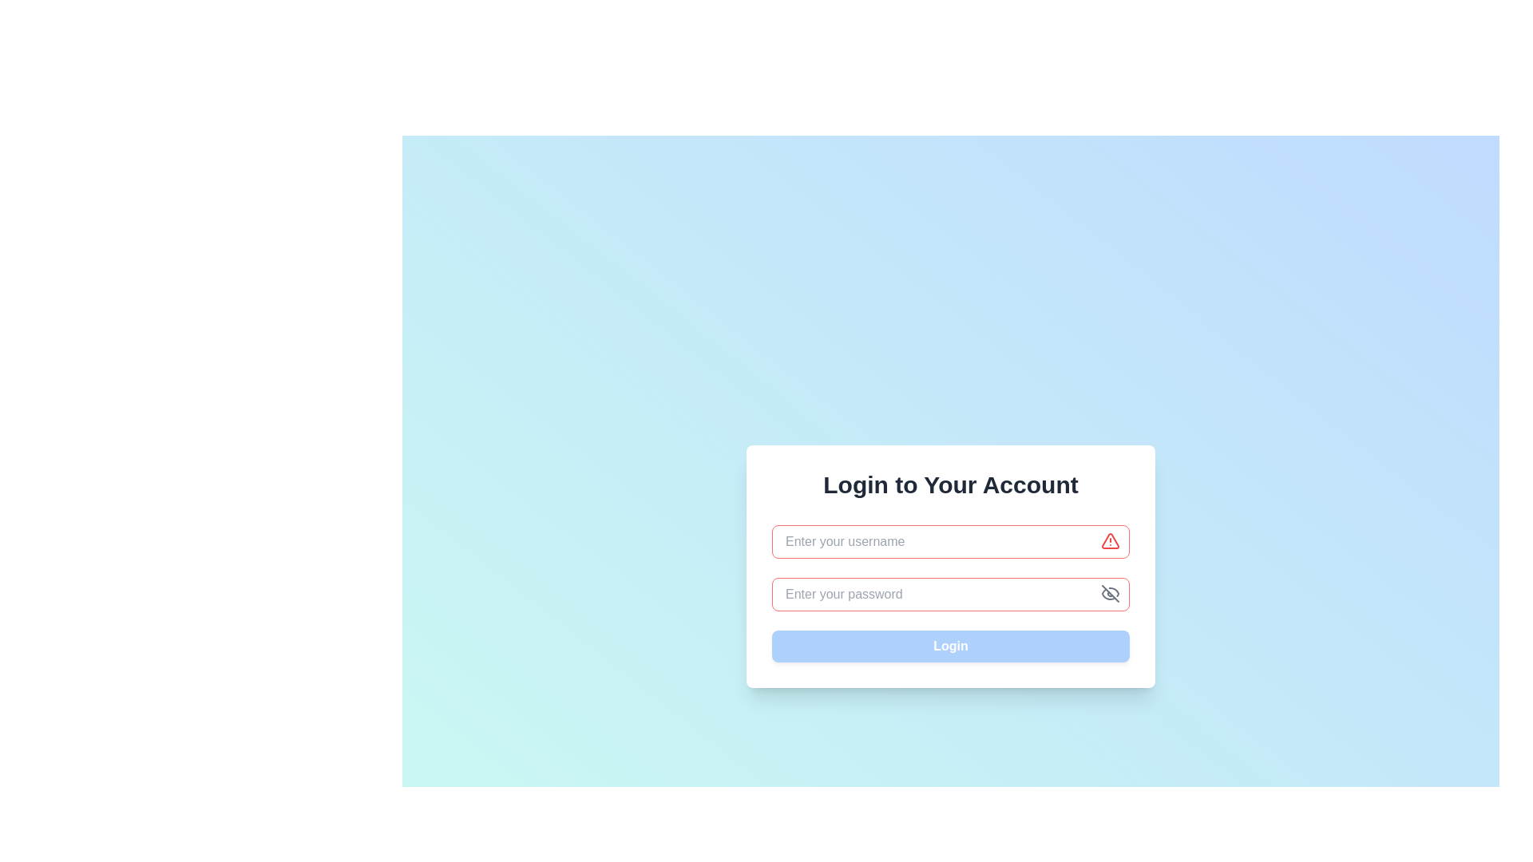 The height and width of the screenshot is (862, 1533). What do you see at coordinates (1109, 540) in the screenshot?
I see `the validation error or warning icon within the 'Enter your username' input field` at bounding box center [1109, 540].